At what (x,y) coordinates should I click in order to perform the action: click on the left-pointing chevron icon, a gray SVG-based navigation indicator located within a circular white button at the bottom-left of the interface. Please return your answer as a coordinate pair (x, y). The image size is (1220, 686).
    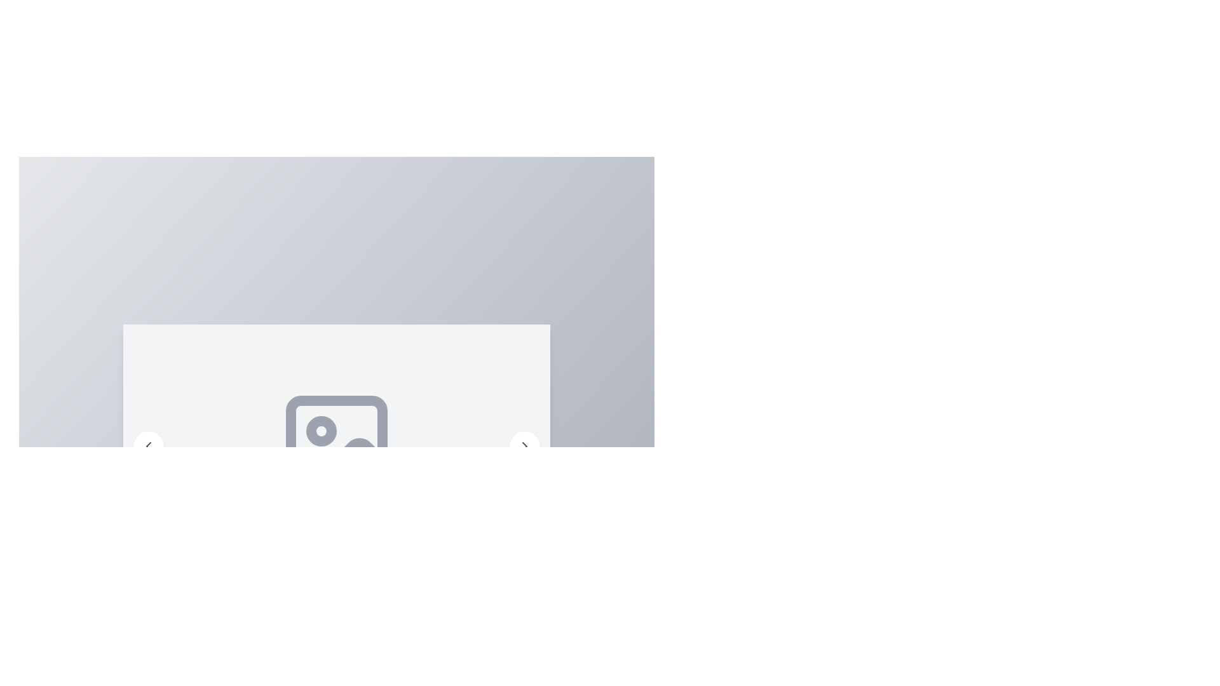
    Looking at the image, I should click on (149, 445).